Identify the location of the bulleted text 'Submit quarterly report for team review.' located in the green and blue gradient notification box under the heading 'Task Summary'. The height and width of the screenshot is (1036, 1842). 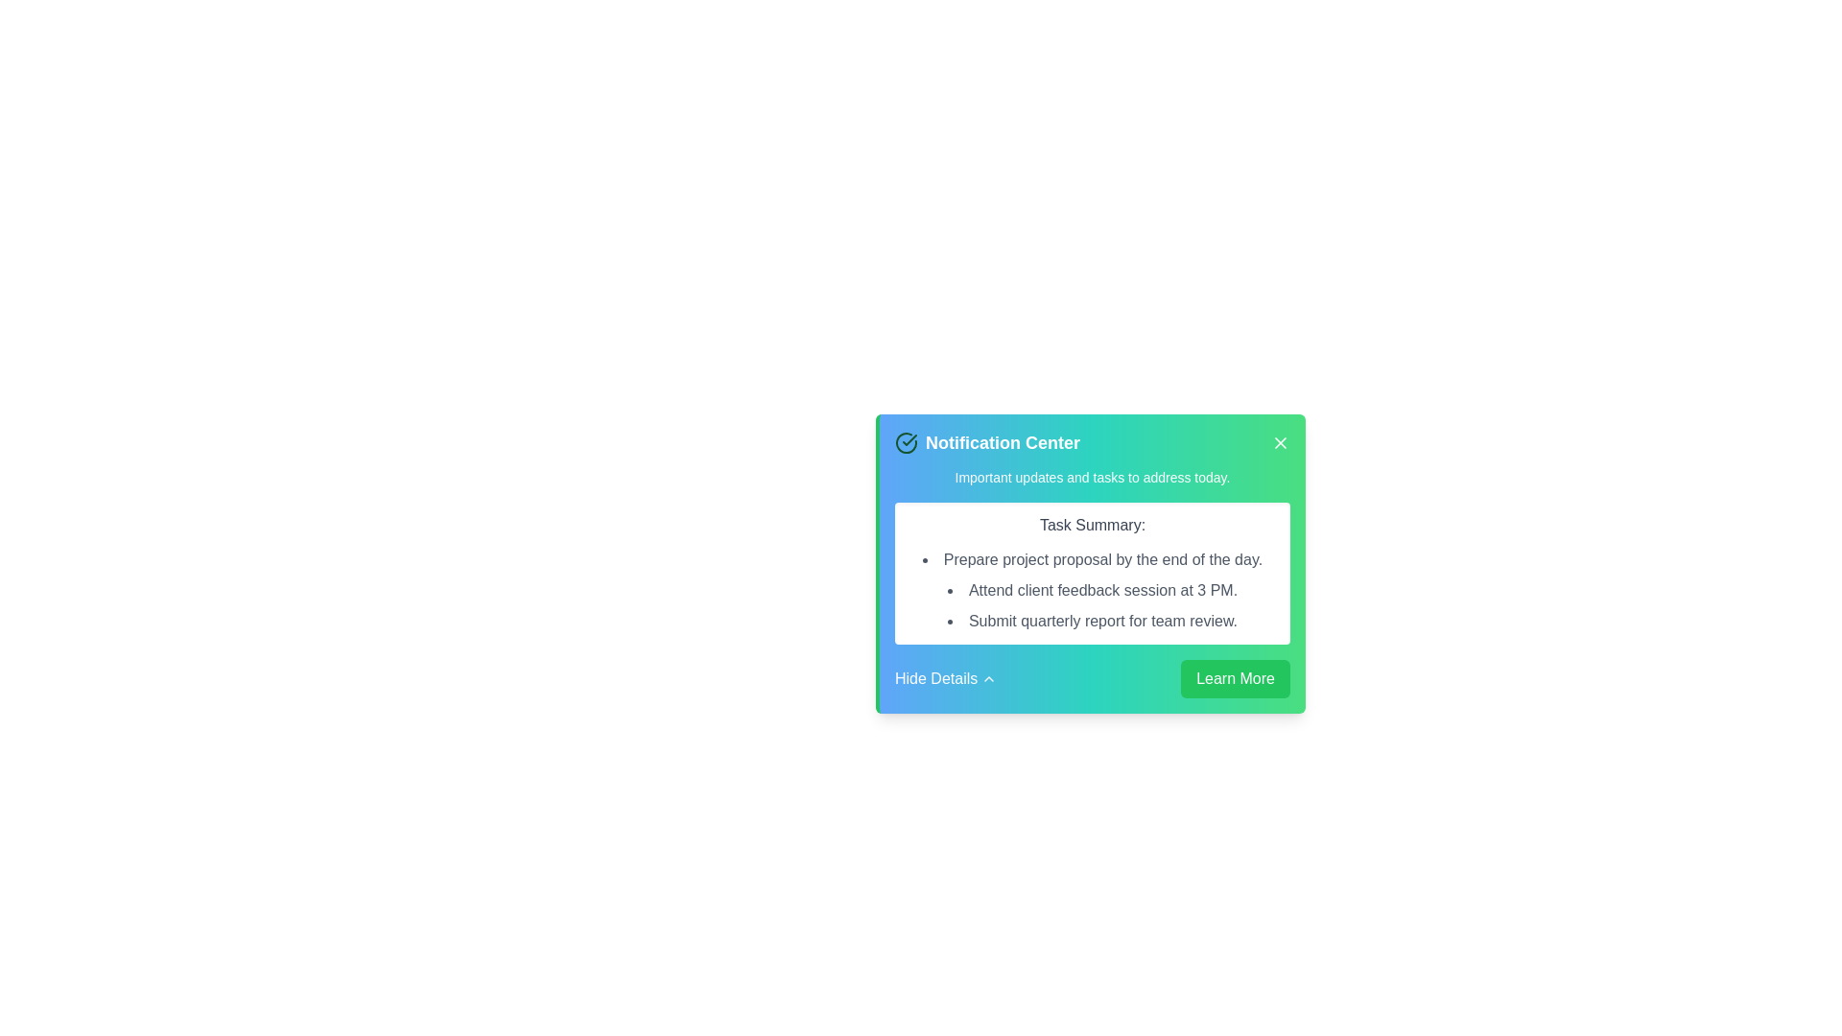
(1092, 622).